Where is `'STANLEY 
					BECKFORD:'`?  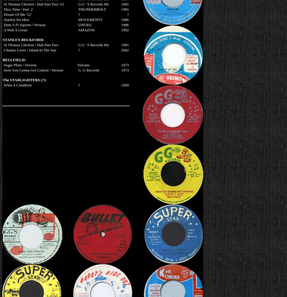 'STANLEY 
					BECKFORD:' is located at coordinates (23, 39).